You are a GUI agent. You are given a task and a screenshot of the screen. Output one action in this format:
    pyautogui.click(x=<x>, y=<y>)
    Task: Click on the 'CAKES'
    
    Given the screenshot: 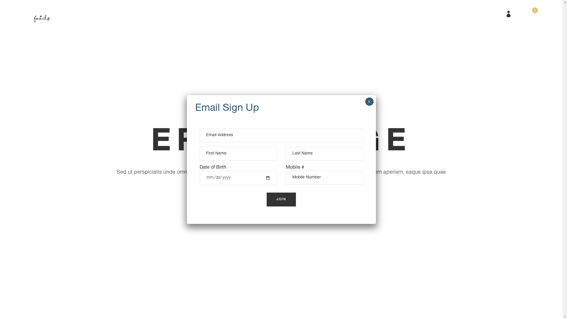 What is the action you would take?
    pyautogui.click(x=248, y=13)
    